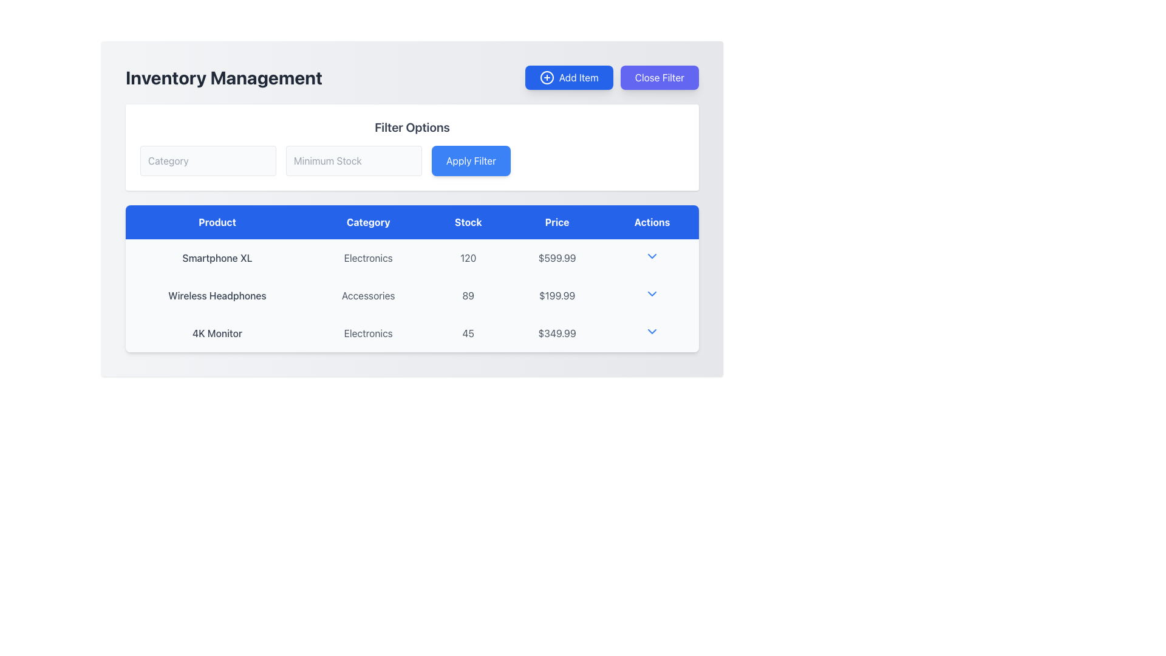 This screenshot has width=1166, height=656. What do you see at coordinates (217, 333) in the screenshot?
I see `the text label displaying '4K Monitor' in the third row of the product table` at bounding box center [217, 333].